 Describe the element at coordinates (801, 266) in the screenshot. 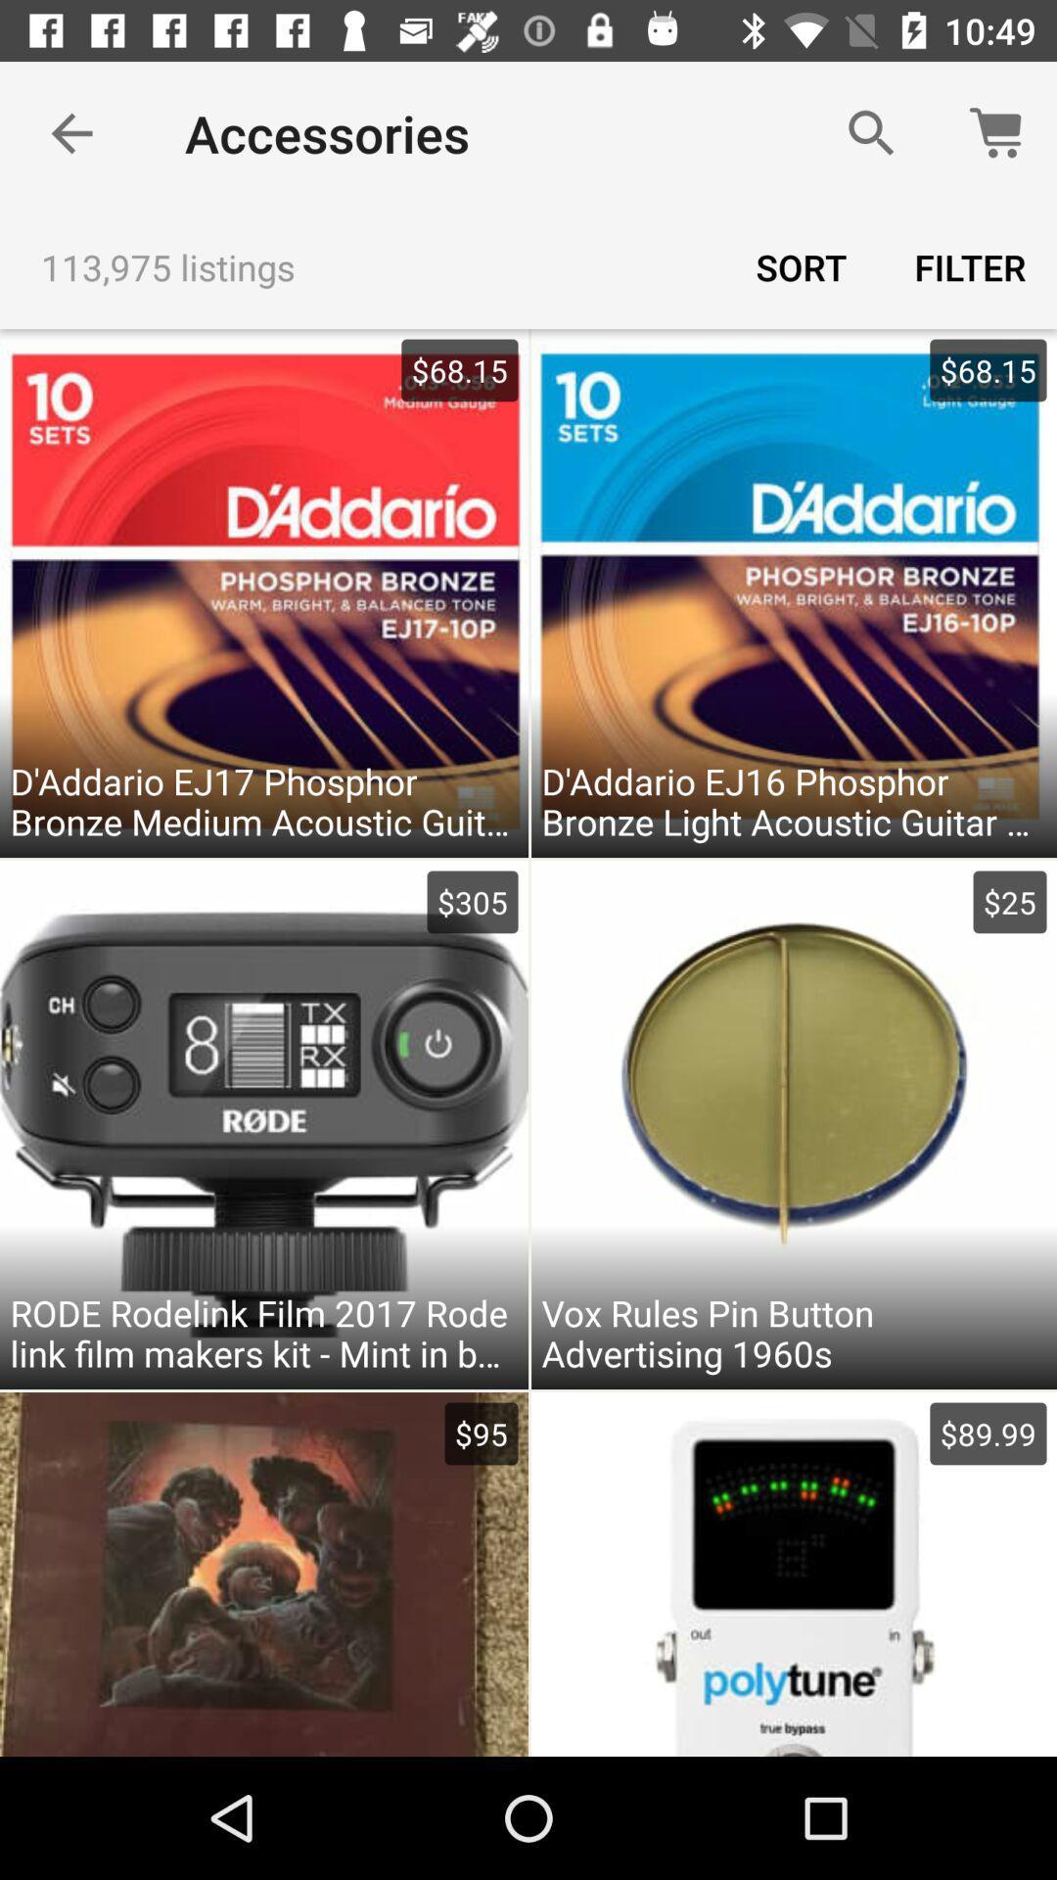

I see `the sort` at that location.